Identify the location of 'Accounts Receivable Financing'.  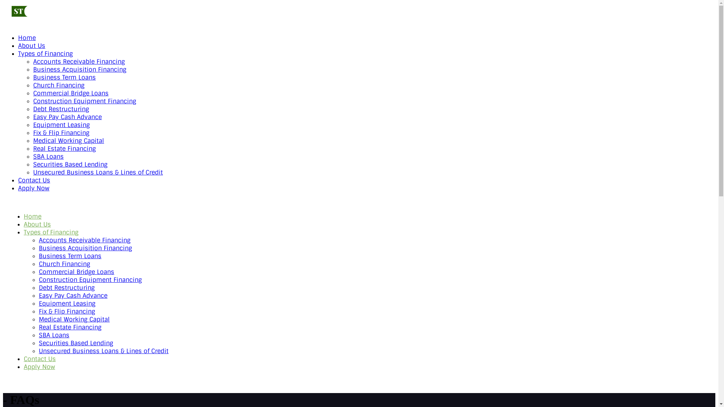
(84, 240).